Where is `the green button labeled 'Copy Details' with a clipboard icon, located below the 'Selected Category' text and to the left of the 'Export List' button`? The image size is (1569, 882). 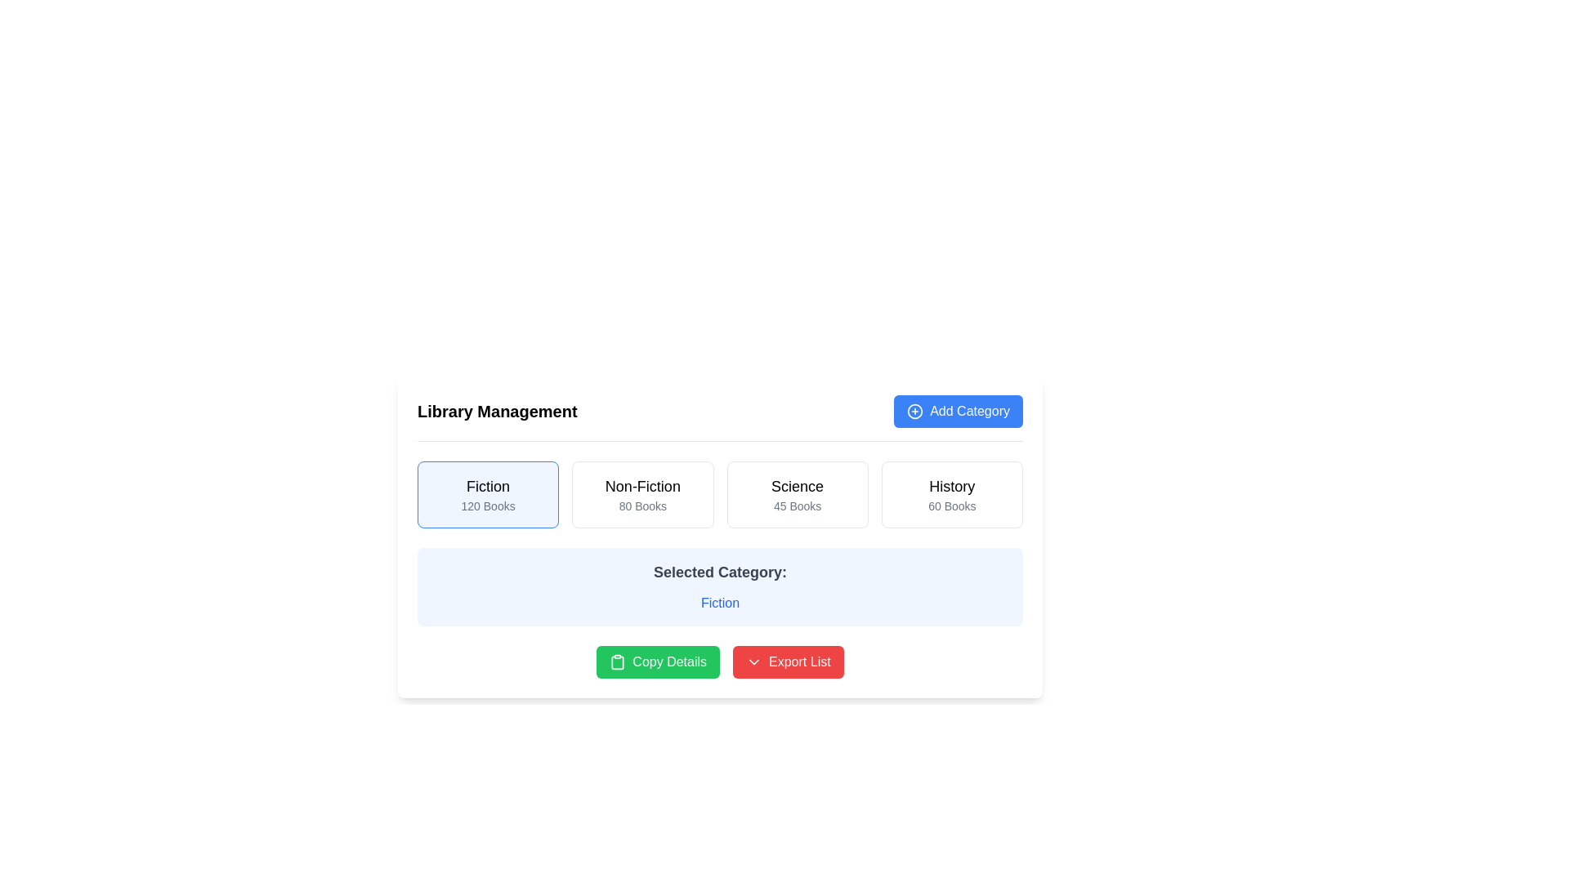 the green button labeled 'Copy Details' with a clipboard icon, located below the 'Selected Category' text and to the left of the 'Export List' button is located at coordinates (658, 661).